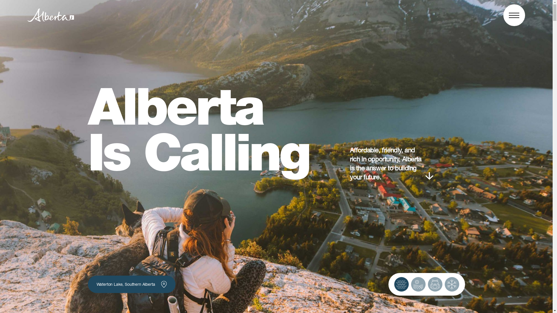 This screenshot has height=313, width=557. What do you see at coordinates (451, 284) in the screenshot?
I see `'Toggle Winter Image'` at bounding box center [451, 284].